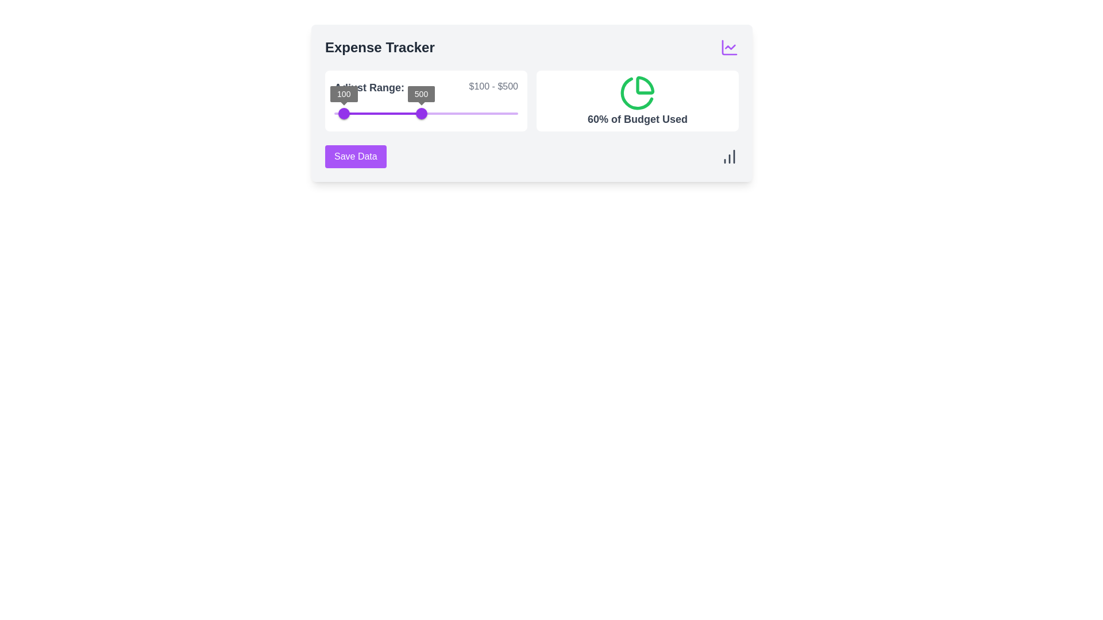 The width and height of the screenshot is (1103, 620). I want to click on the purple slider thumb labeled '500', so click(421, 113).